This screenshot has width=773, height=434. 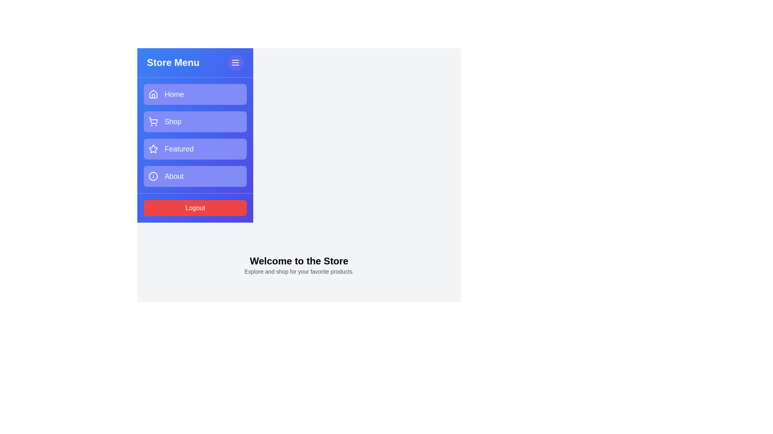 What do you see at coordinates (195, 122) in the screenshot?
I see `the Shop button to navigate to the respective section` at bounding box center [195, 122].